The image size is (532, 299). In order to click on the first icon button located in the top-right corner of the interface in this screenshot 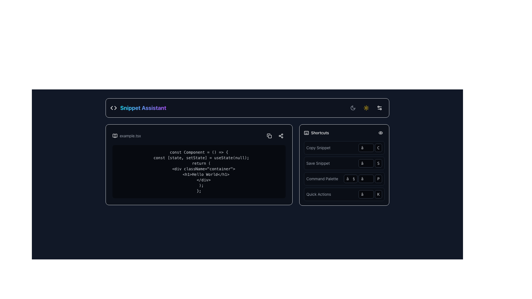, I will do `click(379, 108)`.